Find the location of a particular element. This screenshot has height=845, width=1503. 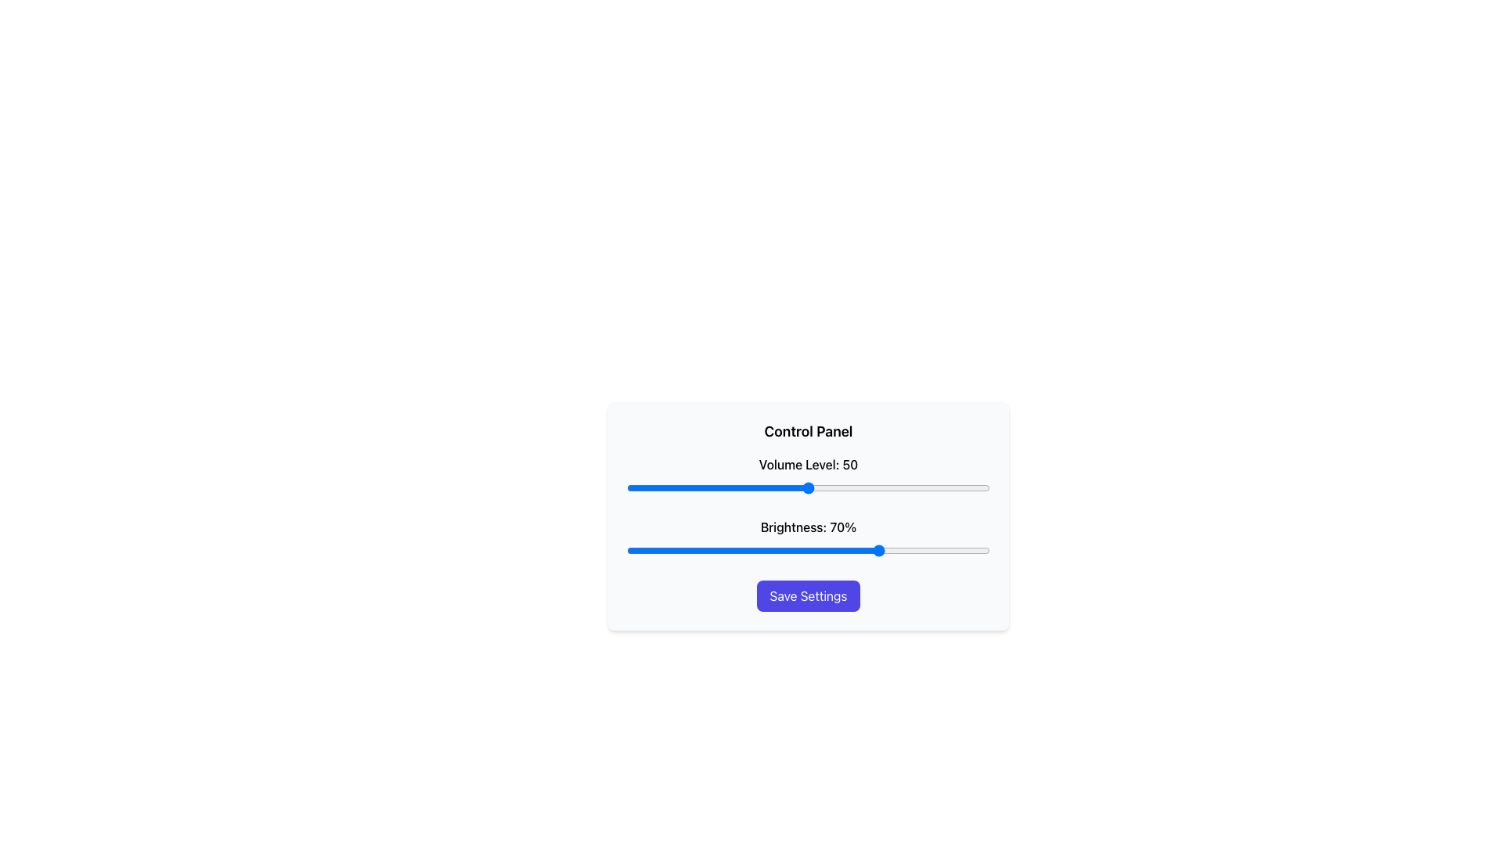

brightness is located at coordinates (848, 550).